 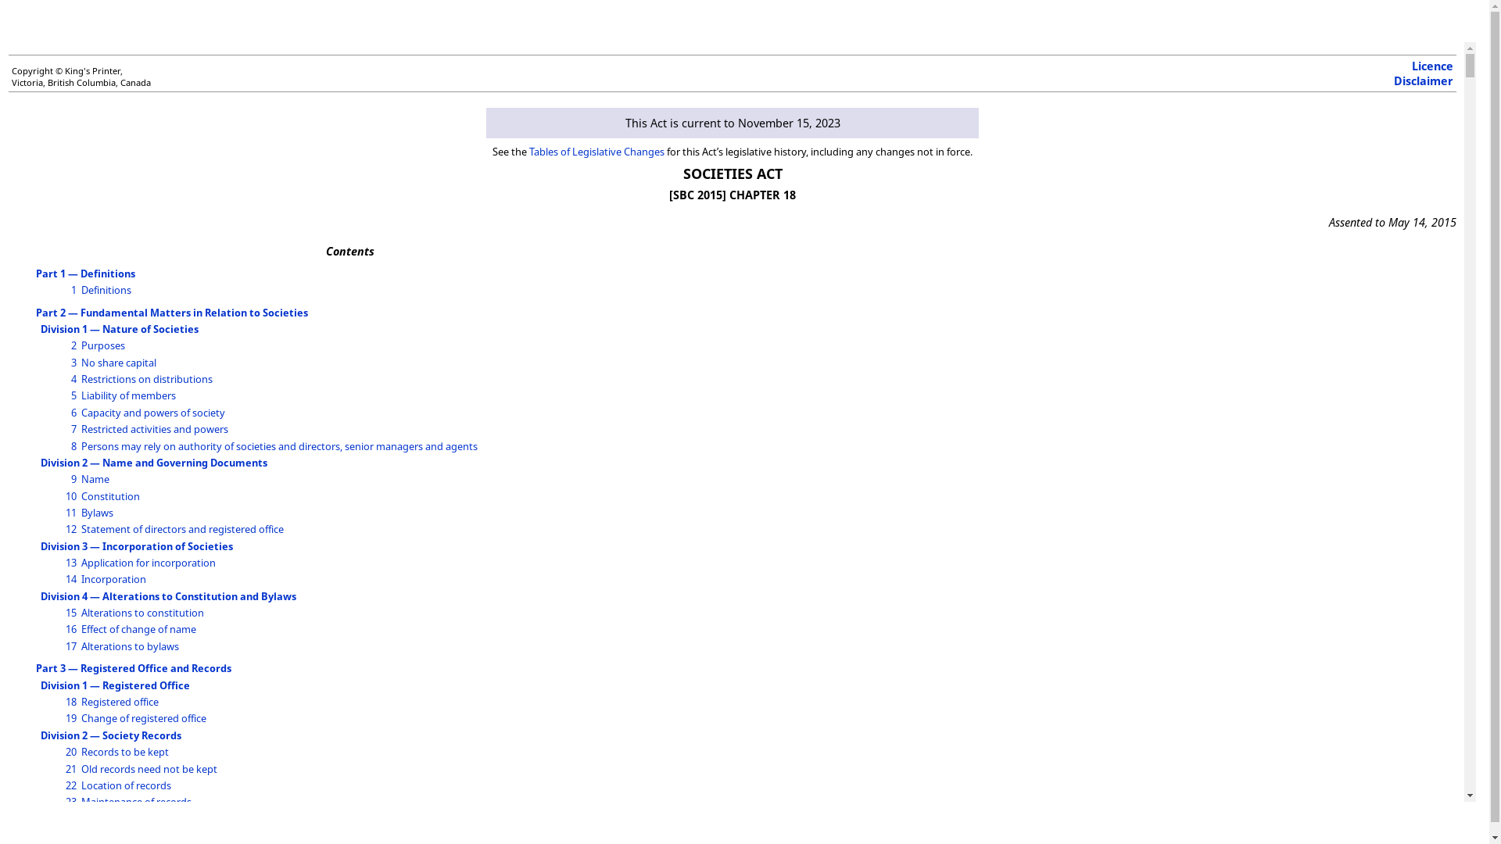 I want to click on '8', so click(x=70, y=445).